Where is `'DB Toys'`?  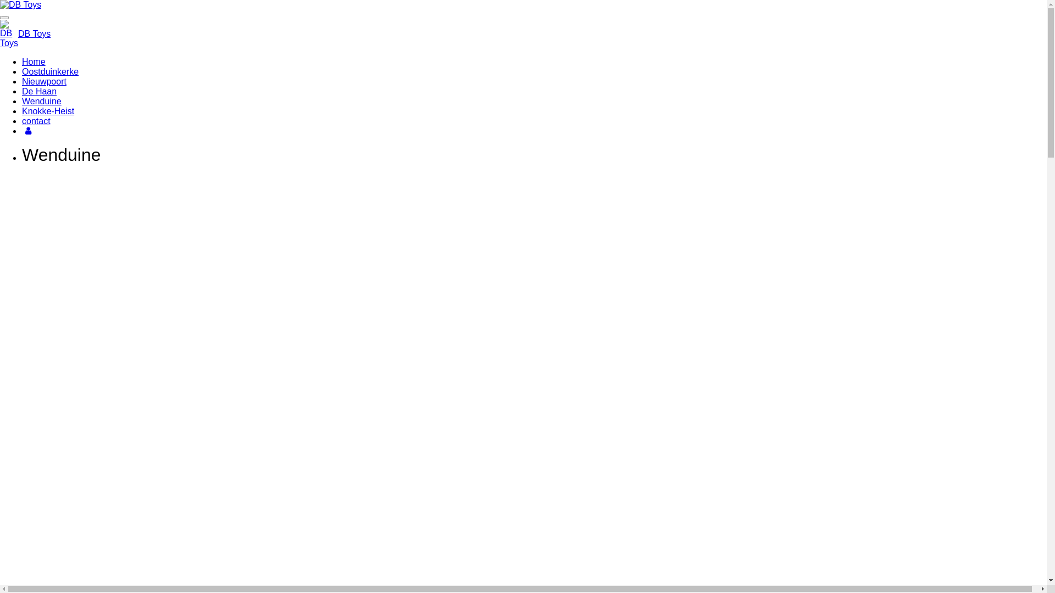 'DB Toys' is located at coordinates (34, 33).